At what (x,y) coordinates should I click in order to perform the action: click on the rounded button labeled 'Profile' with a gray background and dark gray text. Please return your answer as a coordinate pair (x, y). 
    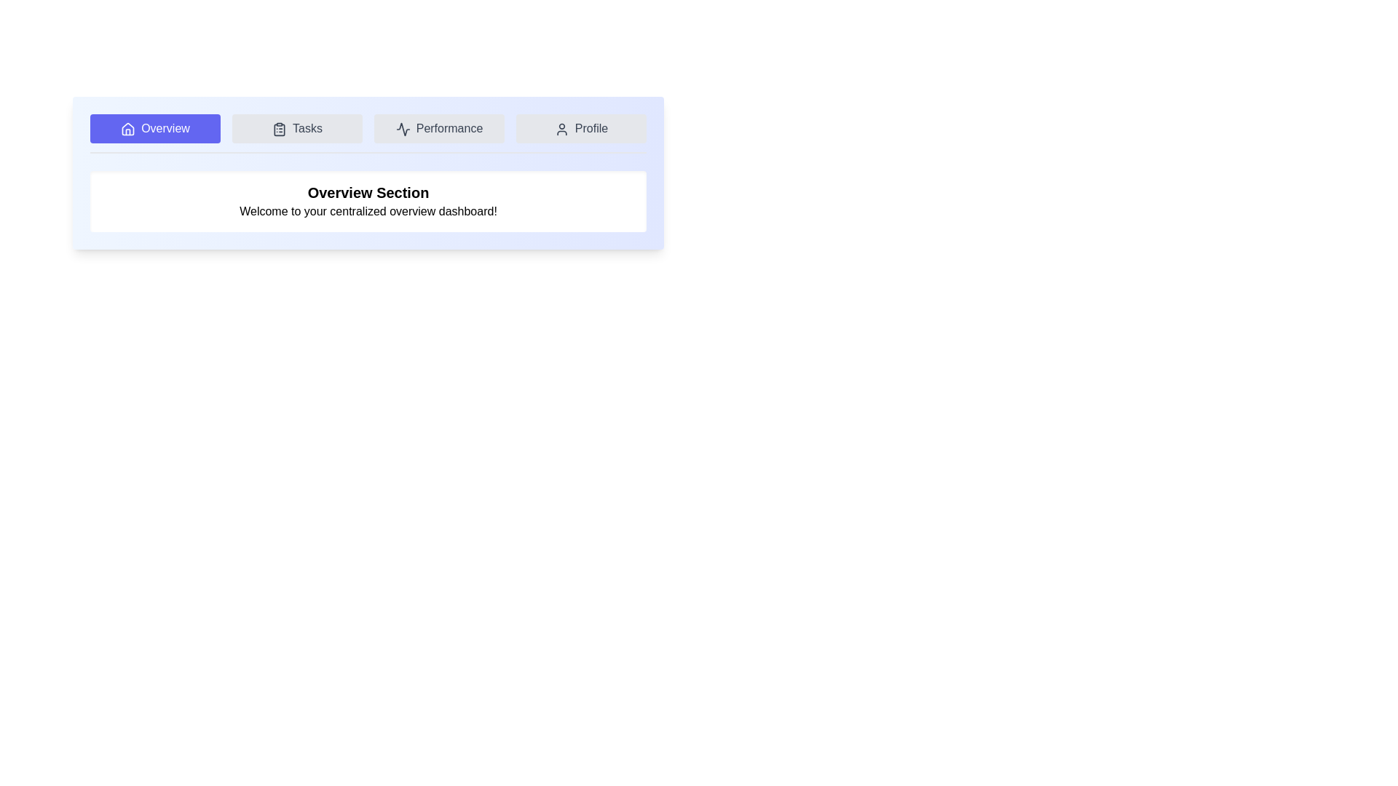
    Looking at the image, I should click on (580, 128).